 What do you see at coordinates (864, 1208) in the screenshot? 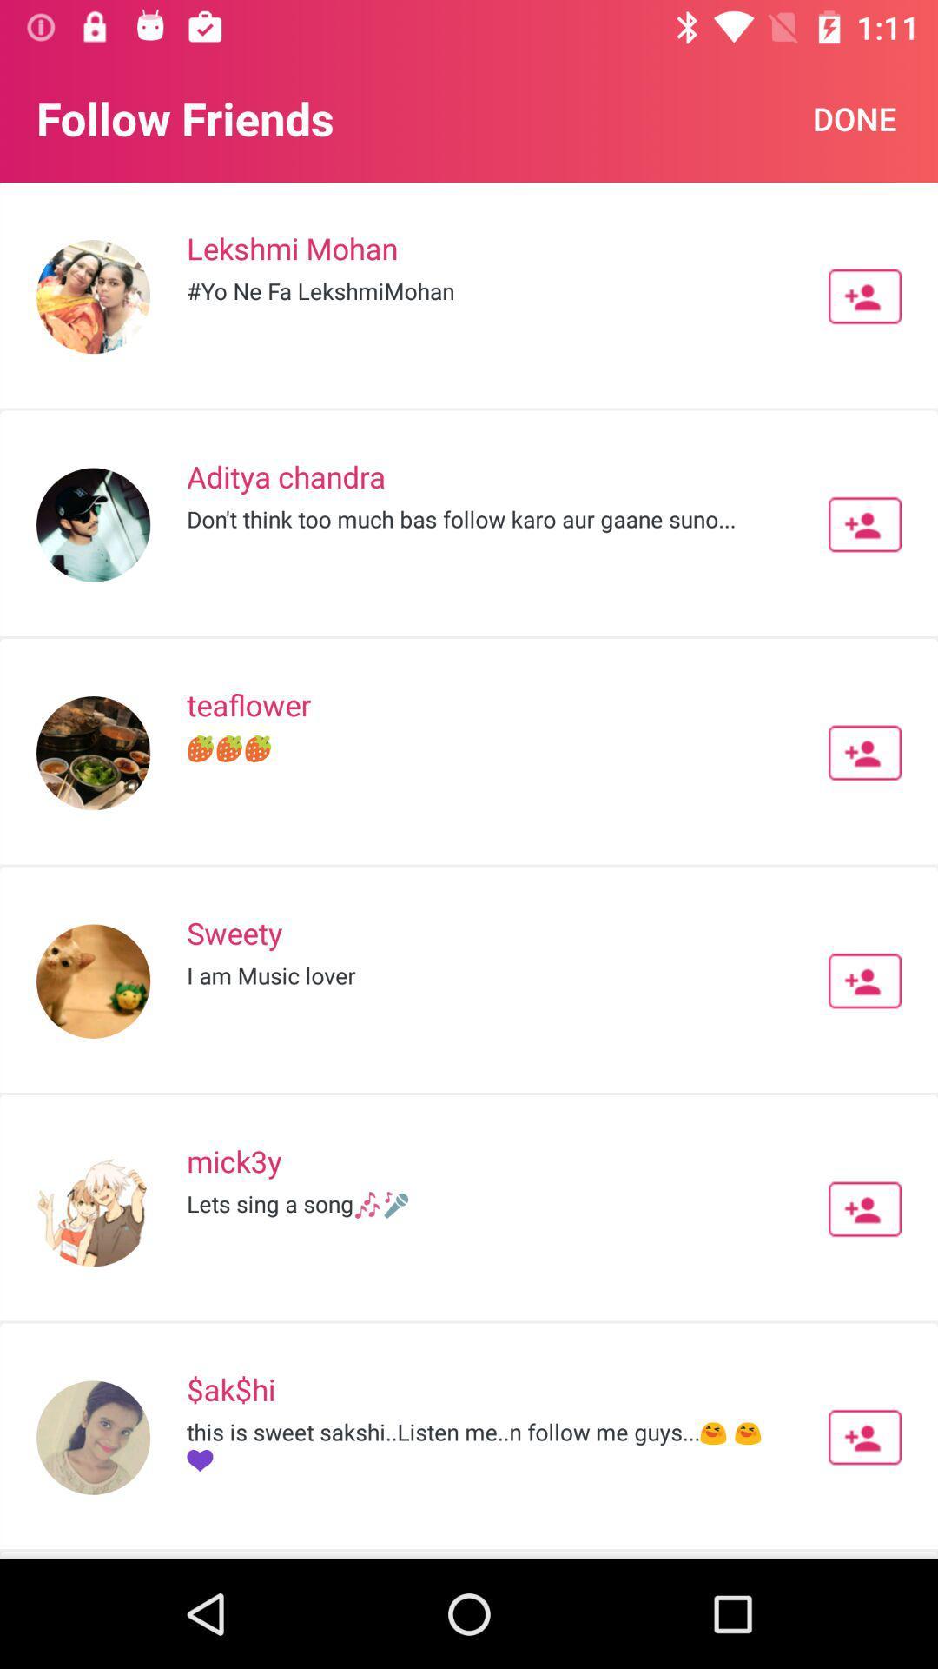
I see `send friend request` at bounding box center [864, 1208].